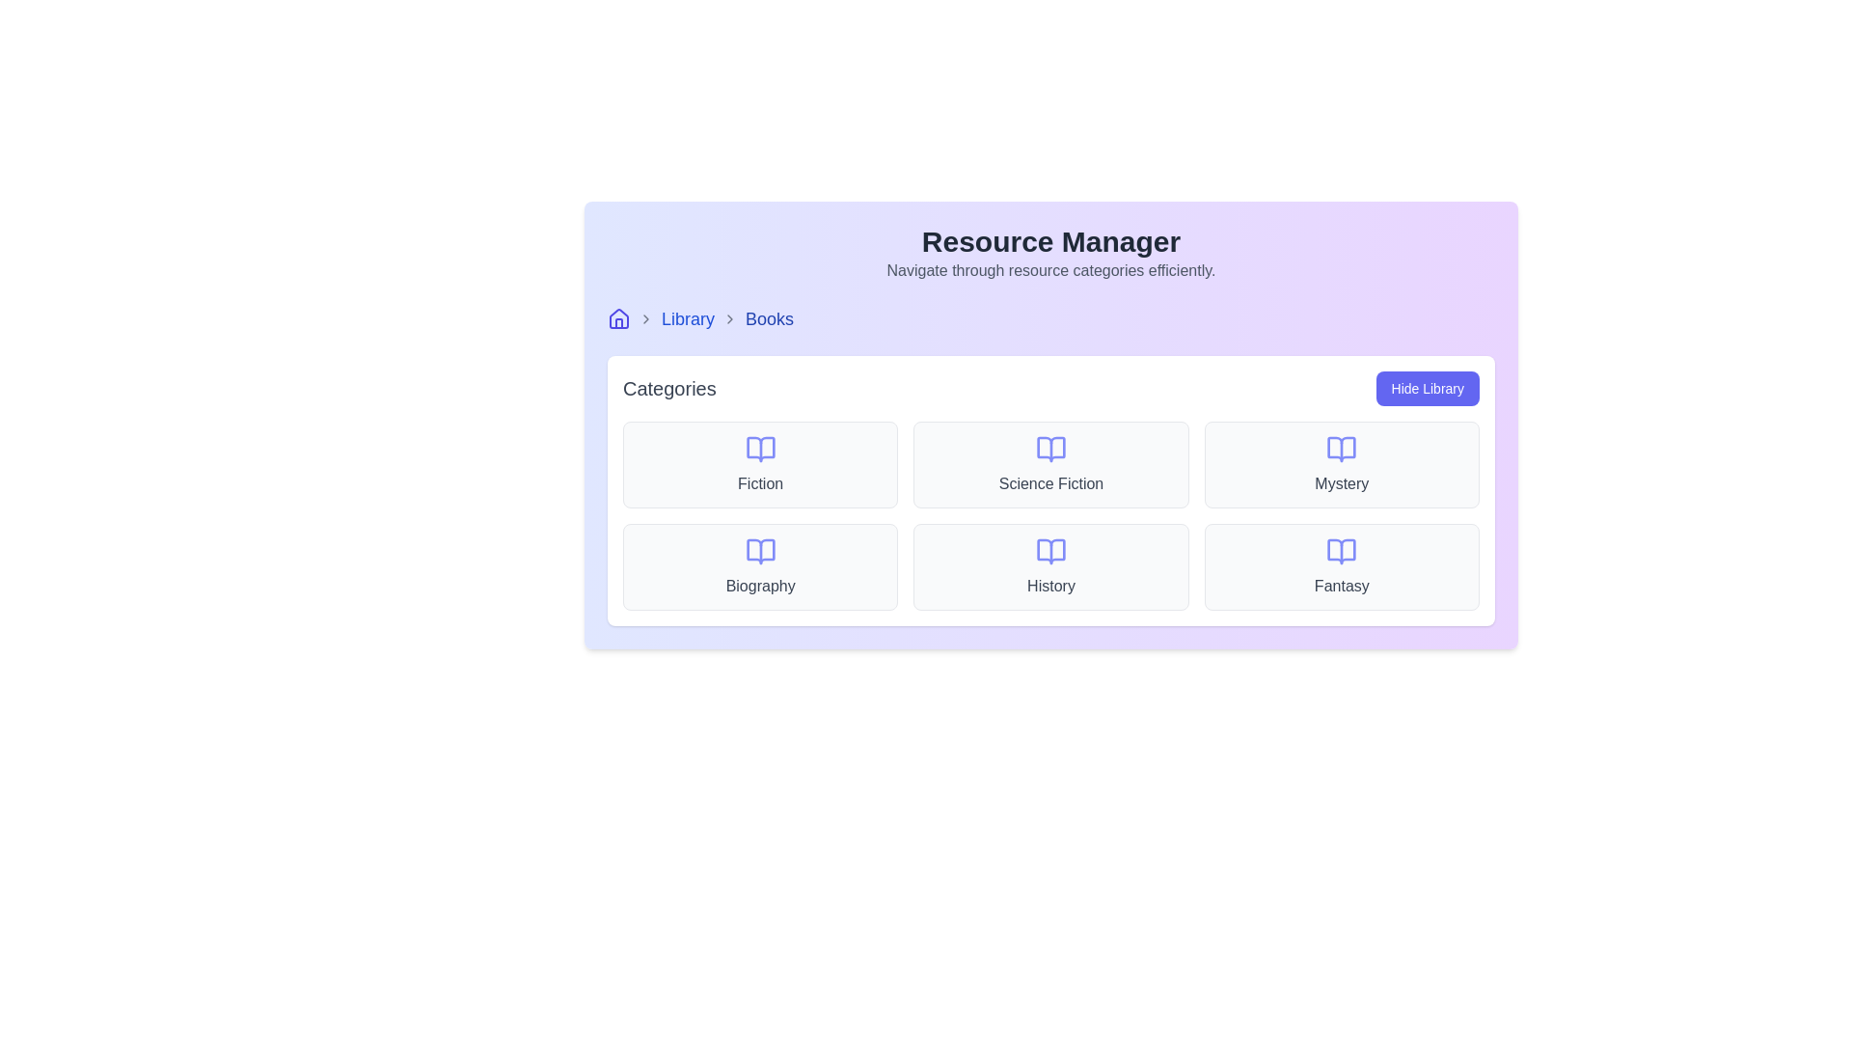  I want to click on the 'History' icon located in the fourth tile of the category grid layout, which serves as a visual representation for the 'History' category, so click(1049, 551).